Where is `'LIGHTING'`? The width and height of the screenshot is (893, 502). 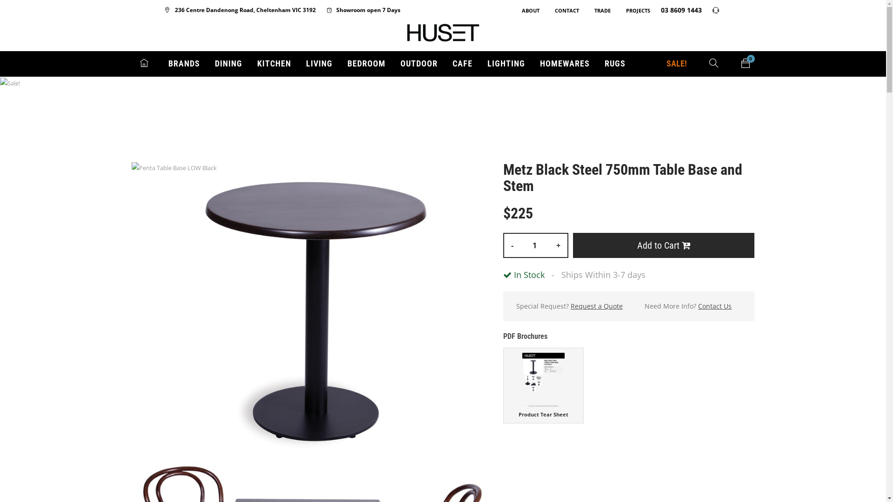 'LIGHTING' is located at coordinates (486, 63).